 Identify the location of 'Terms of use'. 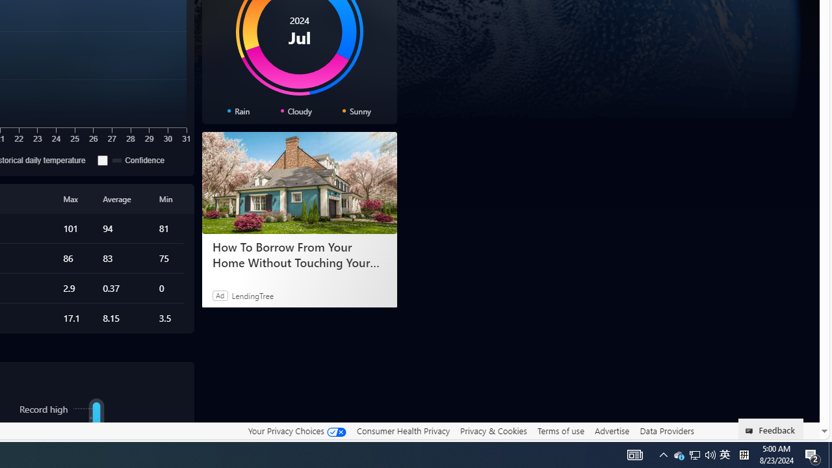
(560, 431).